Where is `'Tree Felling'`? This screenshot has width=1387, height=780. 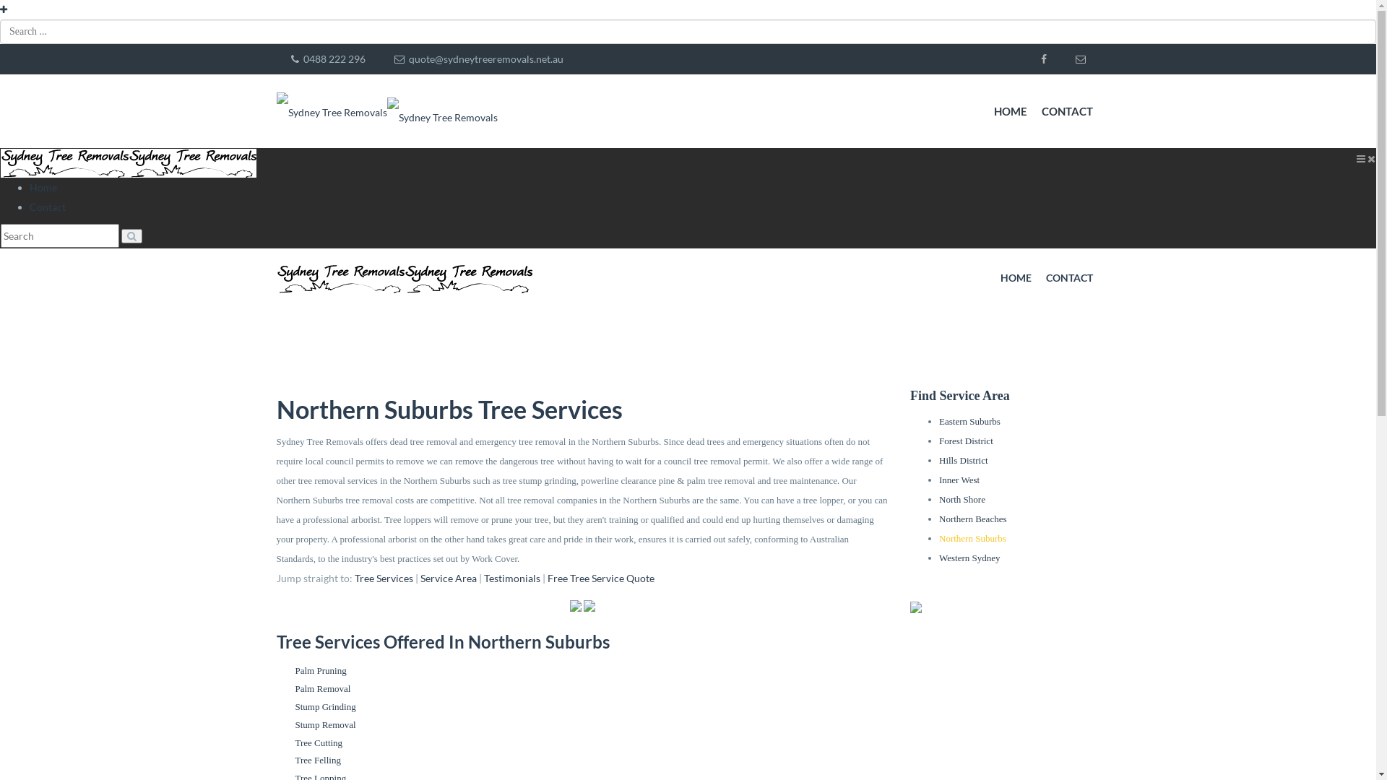
'Tree Felling' is located at coordinates (316, 759).